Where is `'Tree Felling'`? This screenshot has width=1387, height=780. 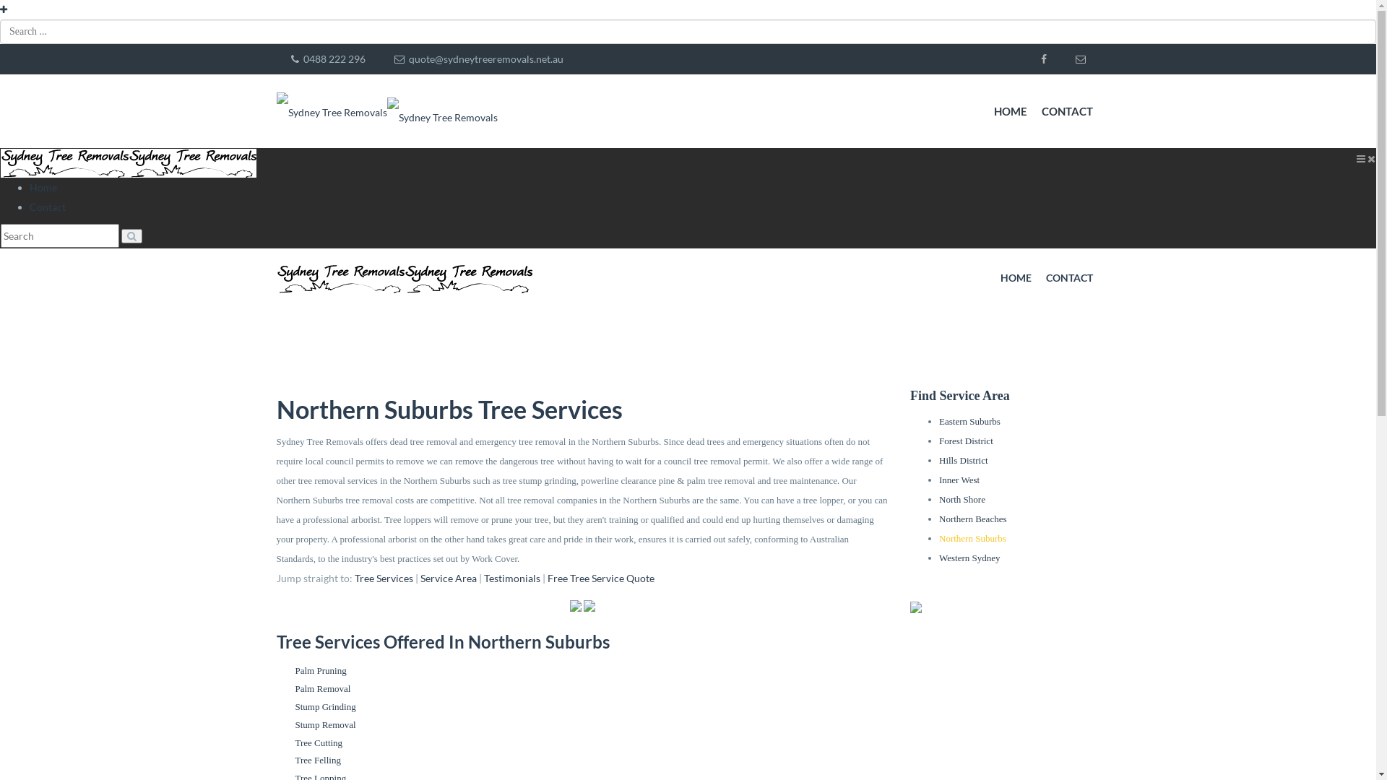
'Tree Felling' is located at coordinates (316, 759).